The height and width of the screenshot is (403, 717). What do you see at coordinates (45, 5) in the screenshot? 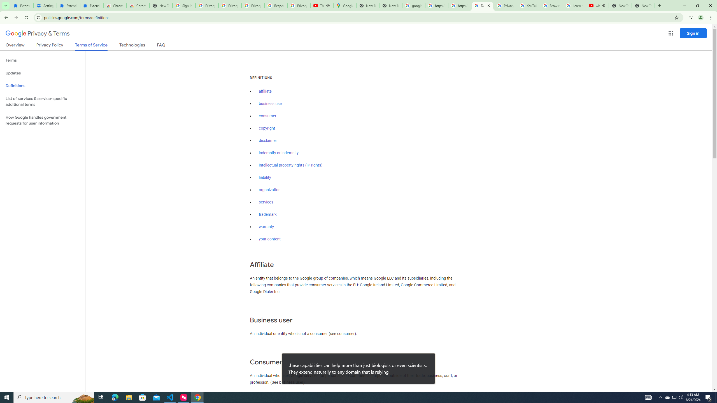
I see `'Settings'` at bounding box center [45, 5].